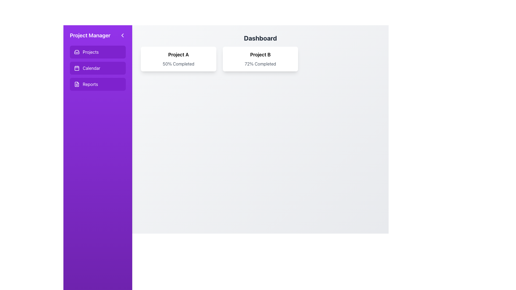  Describe the element at coordinates (77, 68) in the screenshot. I see `the purple rectangular part of the calendar-like icon located in the navigation sidebar, which is the second icon under the 'Project Manager' heading` at that location.